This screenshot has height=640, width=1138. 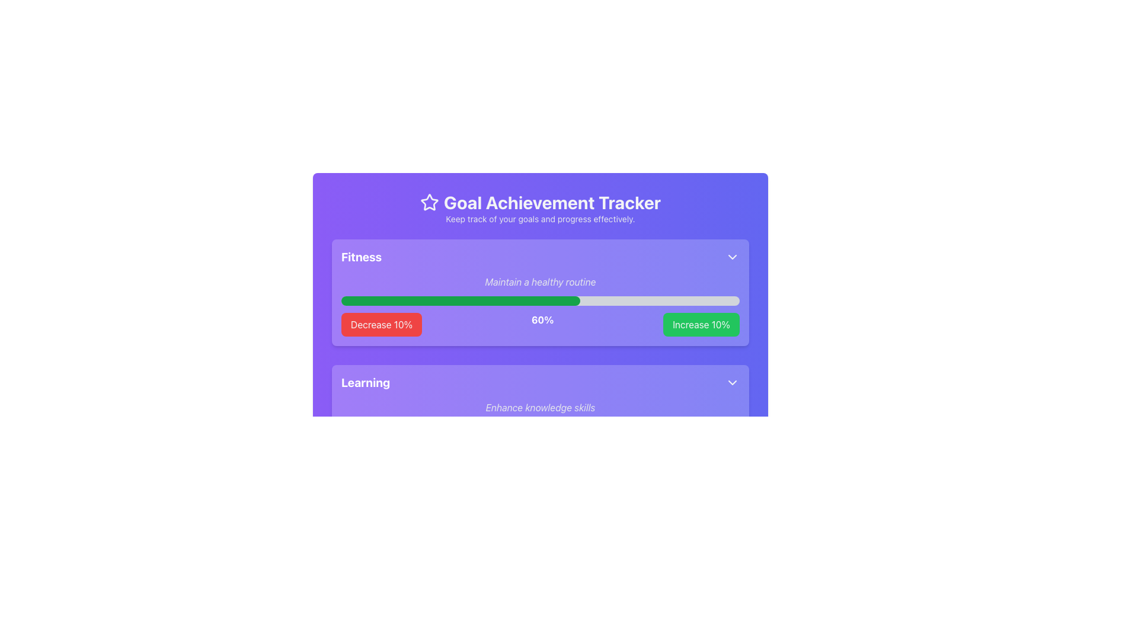 What do you see at coordinates (542, 324) in the screenshot?
I see `the static Text Label indicating the current progress percentage, which is centrally positioned between the 'Decrease 10%' and 'Increase 10%' buttons in the fitness section's progress tracker` at bounding box center [542, 324].